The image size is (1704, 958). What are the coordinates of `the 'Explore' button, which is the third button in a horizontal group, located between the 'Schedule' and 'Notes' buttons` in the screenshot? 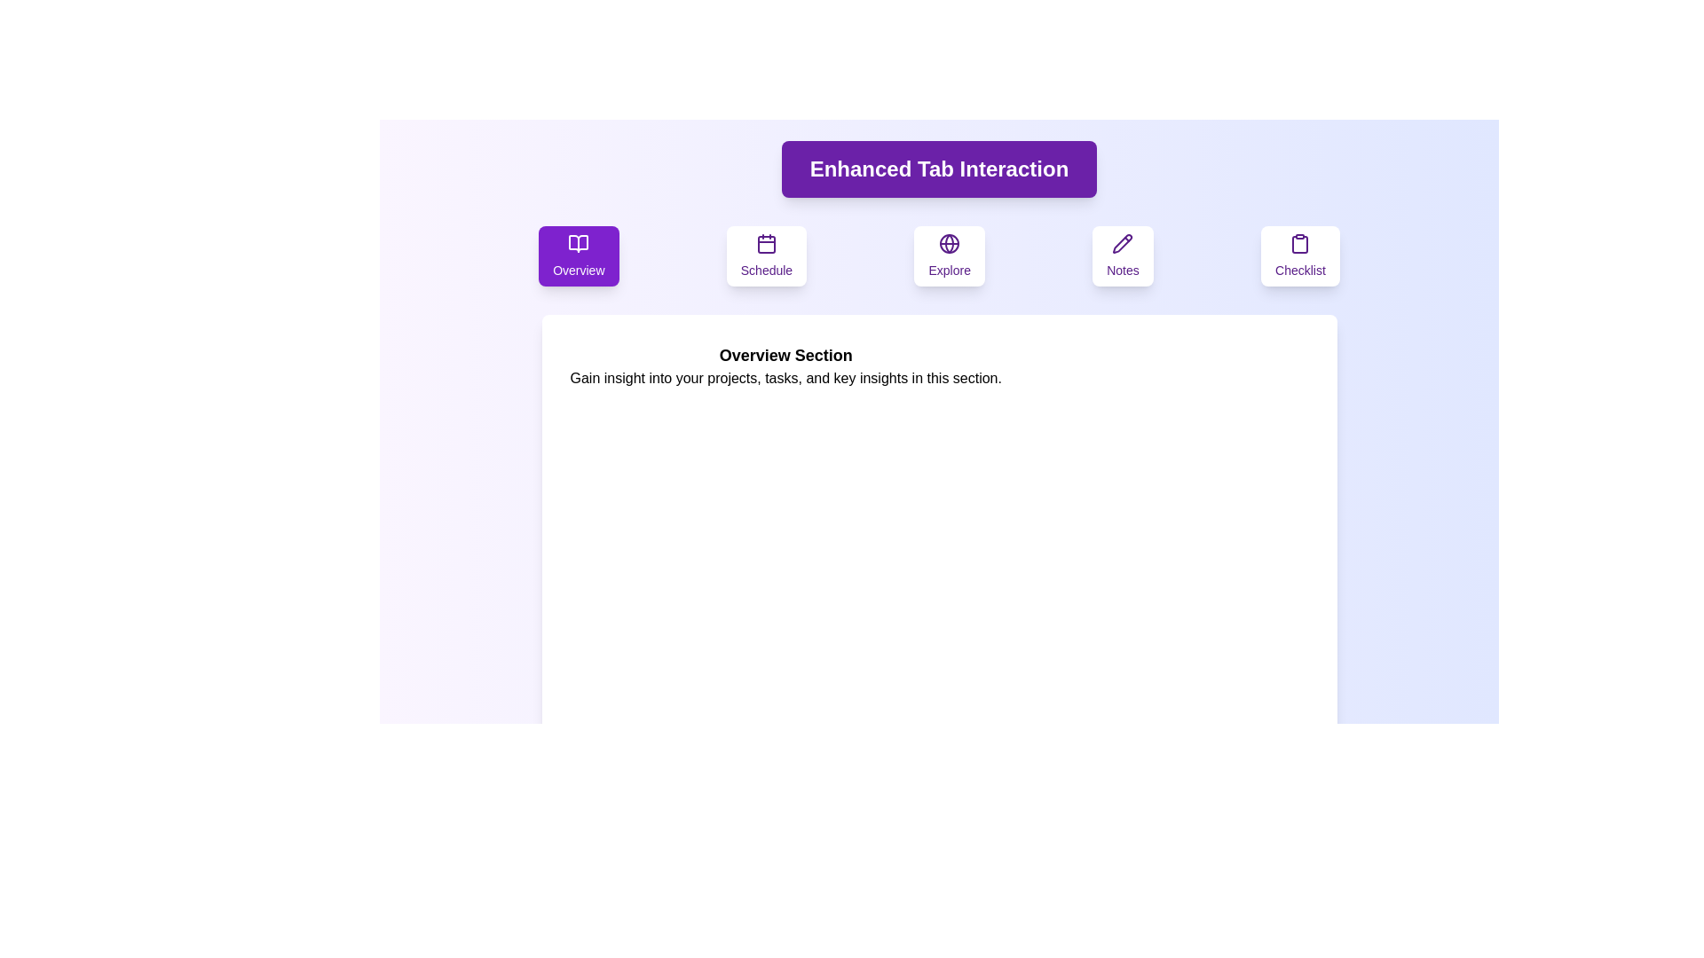 It's located at (949, 256).